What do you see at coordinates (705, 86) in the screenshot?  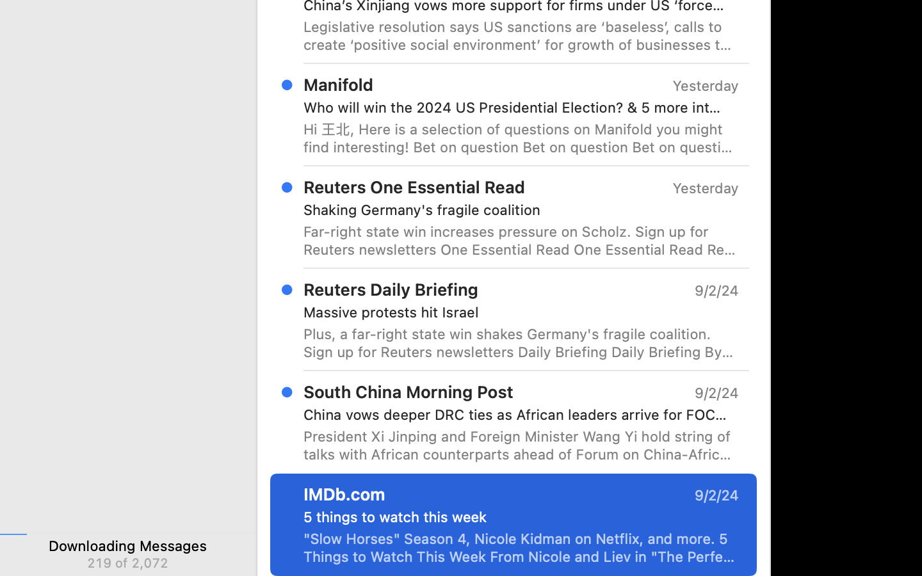 I see `'Yesterday'` at bounding box center [705, 86].